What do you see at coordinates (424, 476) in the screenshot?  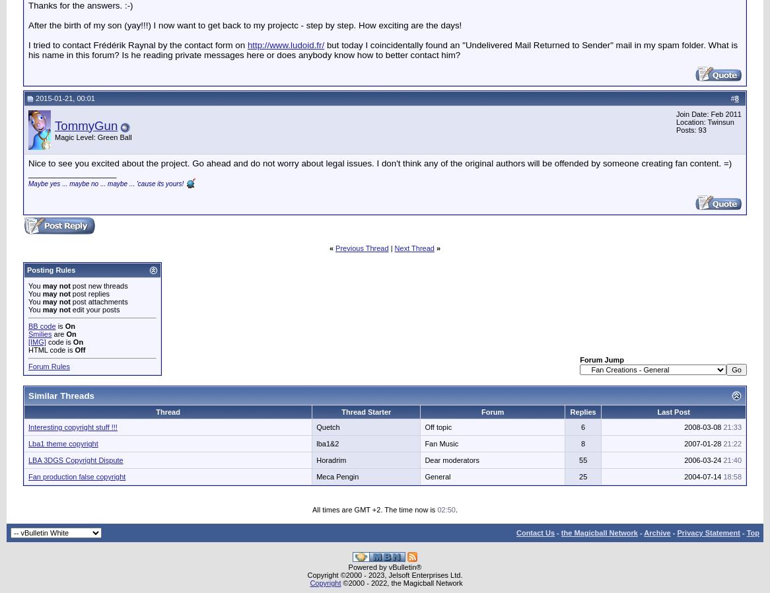 I see `'General'` at bounding box center [424, 476].